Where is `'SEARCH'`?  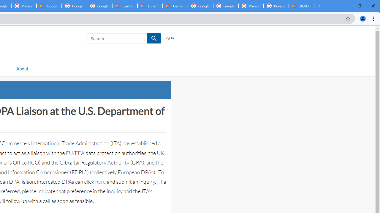 'SEARCH' is located at coordinates (154, 38).